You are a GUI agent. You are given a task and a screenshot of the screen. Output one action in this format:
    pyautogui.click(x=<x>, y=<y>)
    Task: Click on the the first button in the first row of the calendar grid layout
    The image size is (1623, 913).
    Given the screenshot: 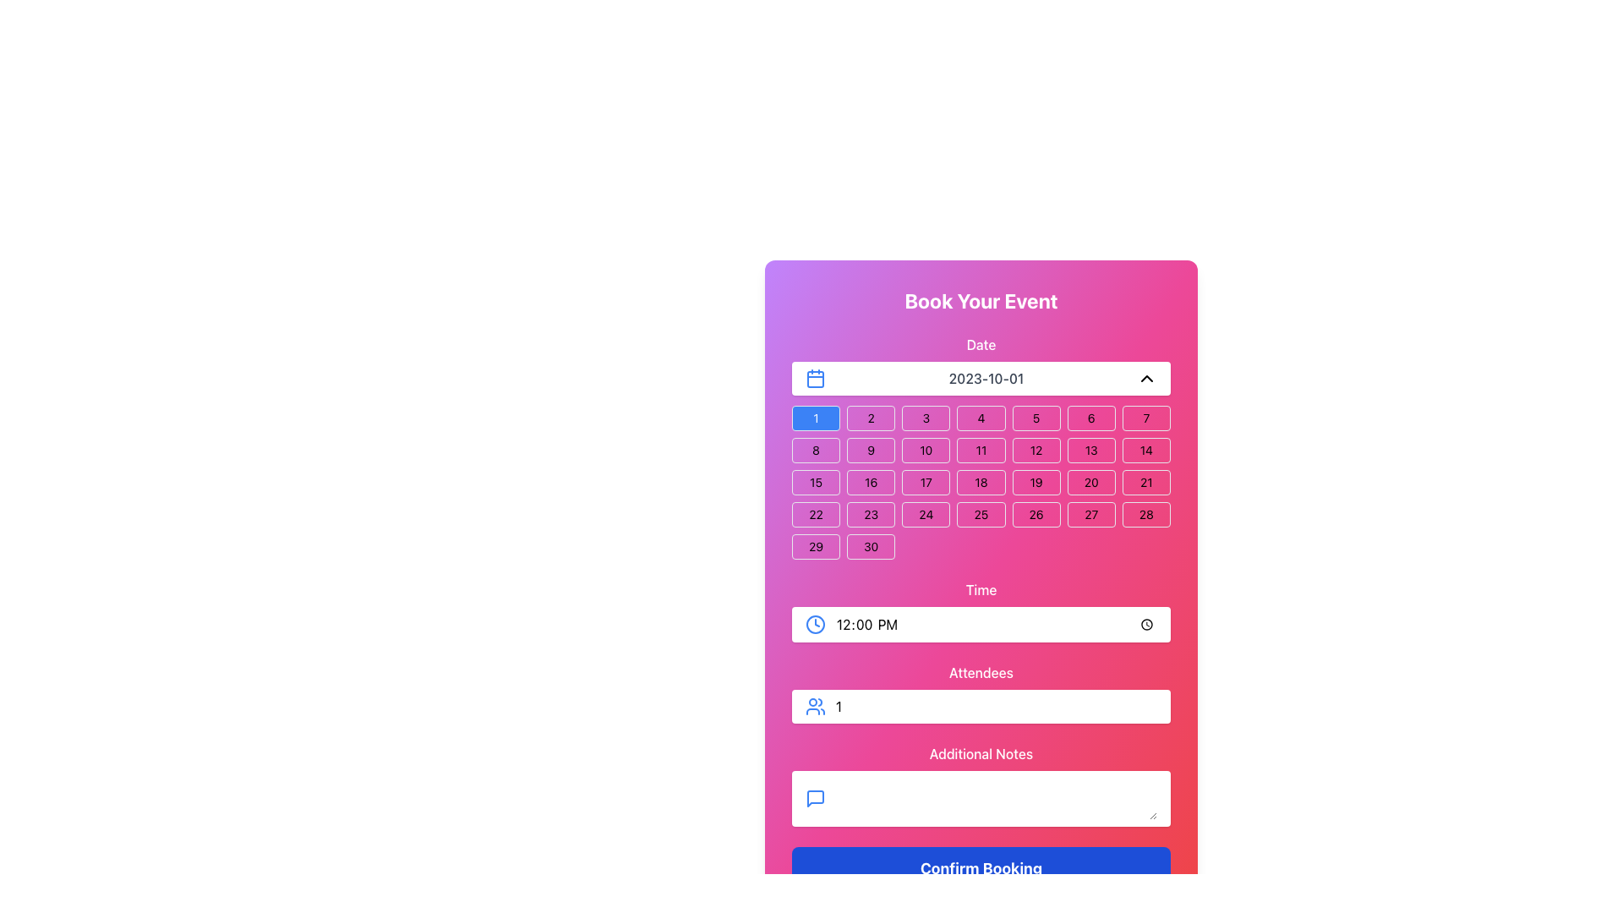 What is the action you would take?
    pyautogui.click(x=816, y=418)
    